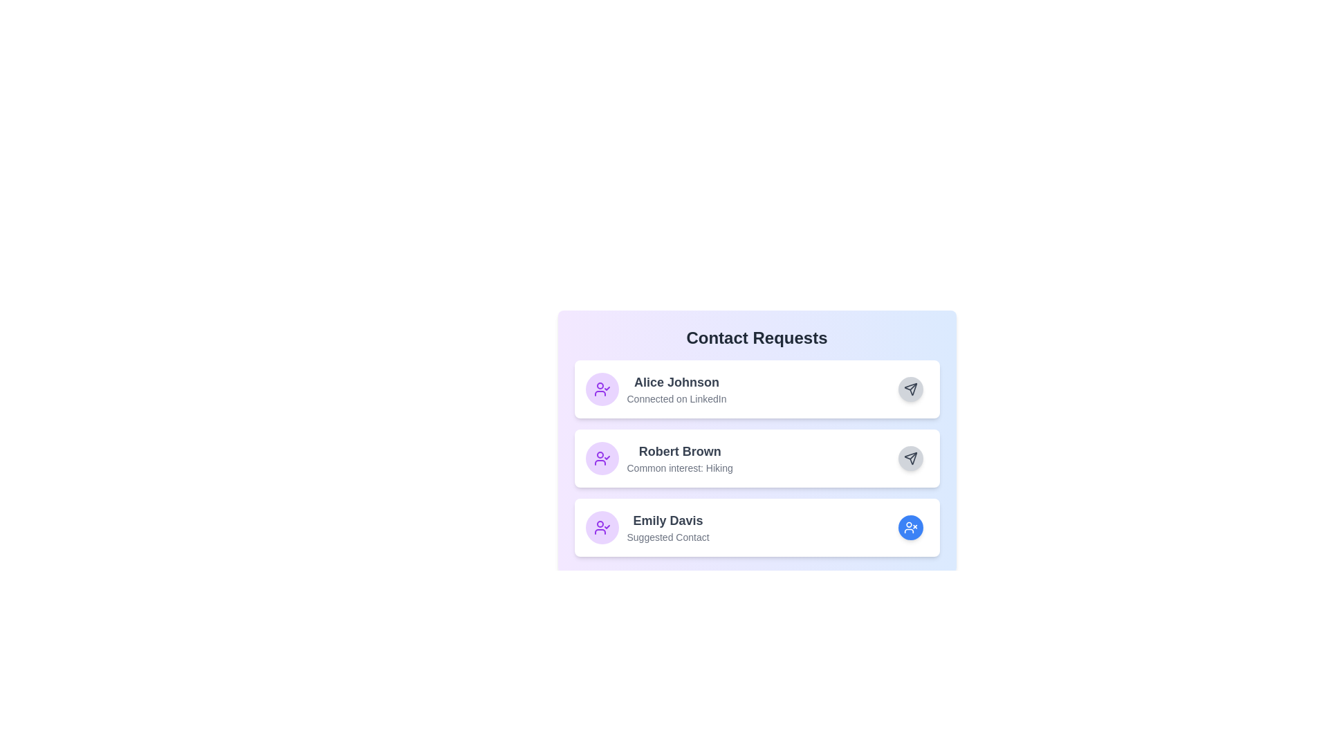 Image resolution: width=1328 pixels, height=747 pixels. I want to click on the 'Approve' button for the contact request Robert Brown, so click(910, 459).